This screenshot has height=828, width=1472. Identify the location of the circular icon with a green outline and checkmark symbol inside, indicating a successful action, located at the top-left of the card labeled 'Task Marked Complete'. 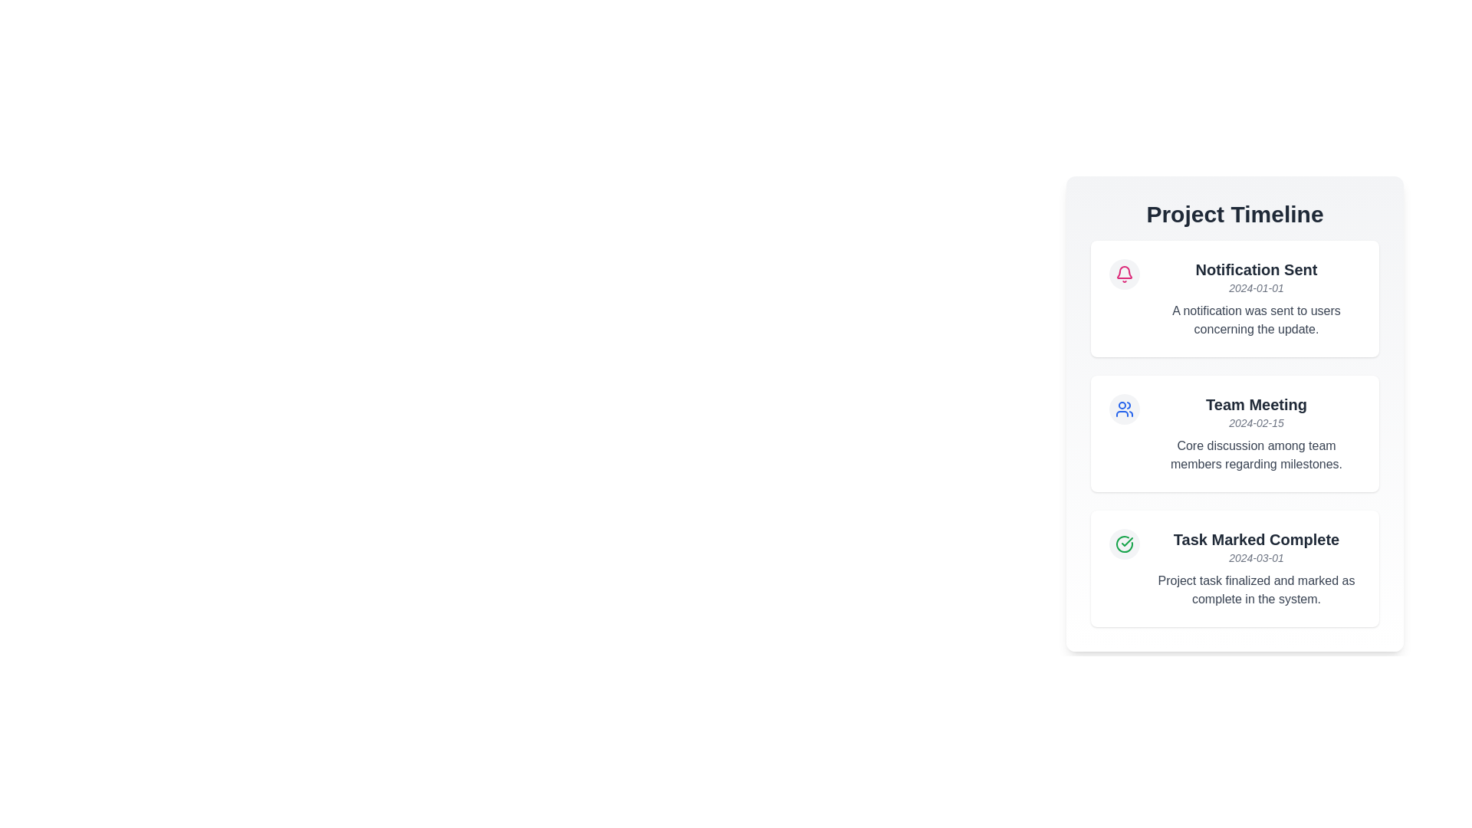
(1125, 543).